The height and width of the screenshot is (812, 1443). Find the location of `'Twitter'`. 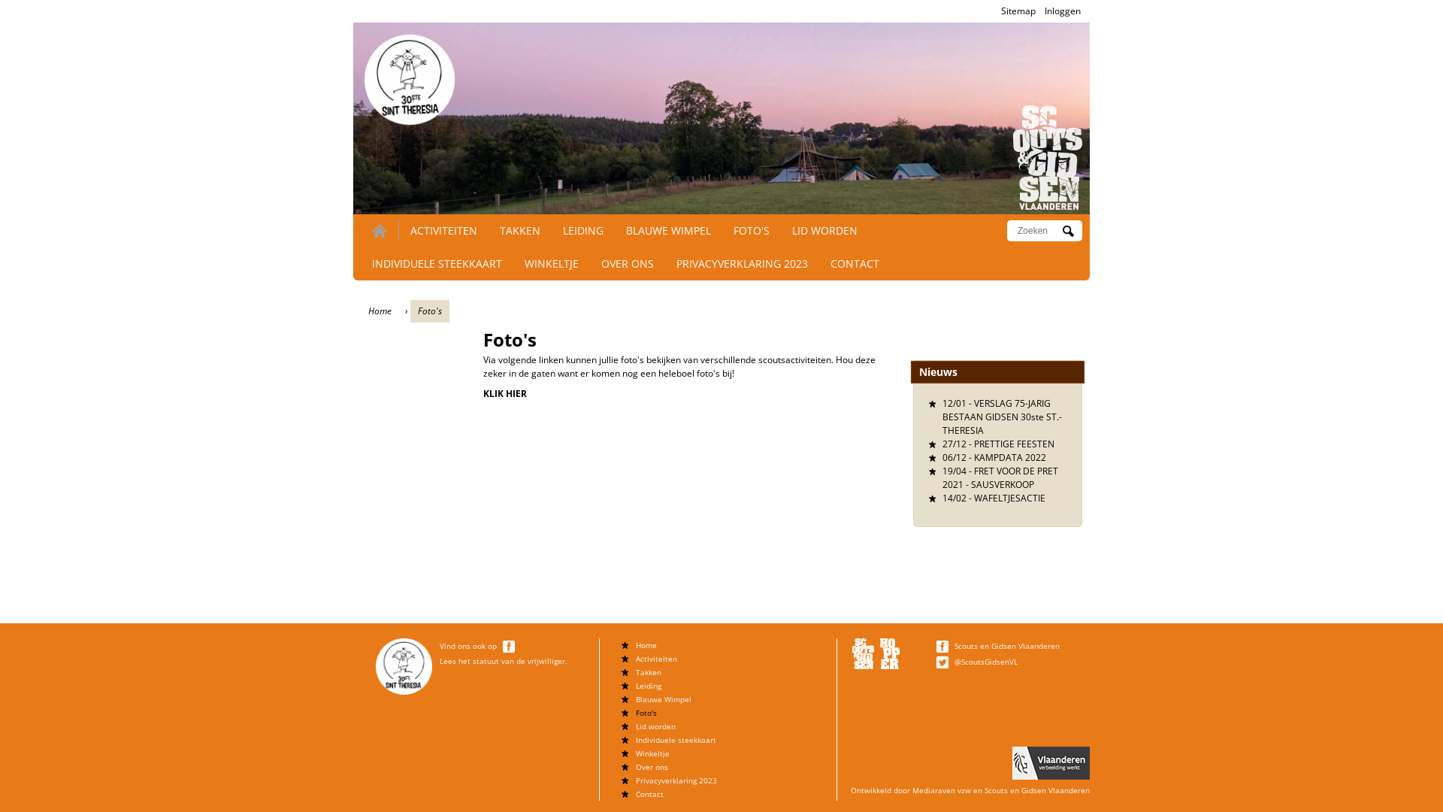

'Twitter' is located at coordinates (941, 661).